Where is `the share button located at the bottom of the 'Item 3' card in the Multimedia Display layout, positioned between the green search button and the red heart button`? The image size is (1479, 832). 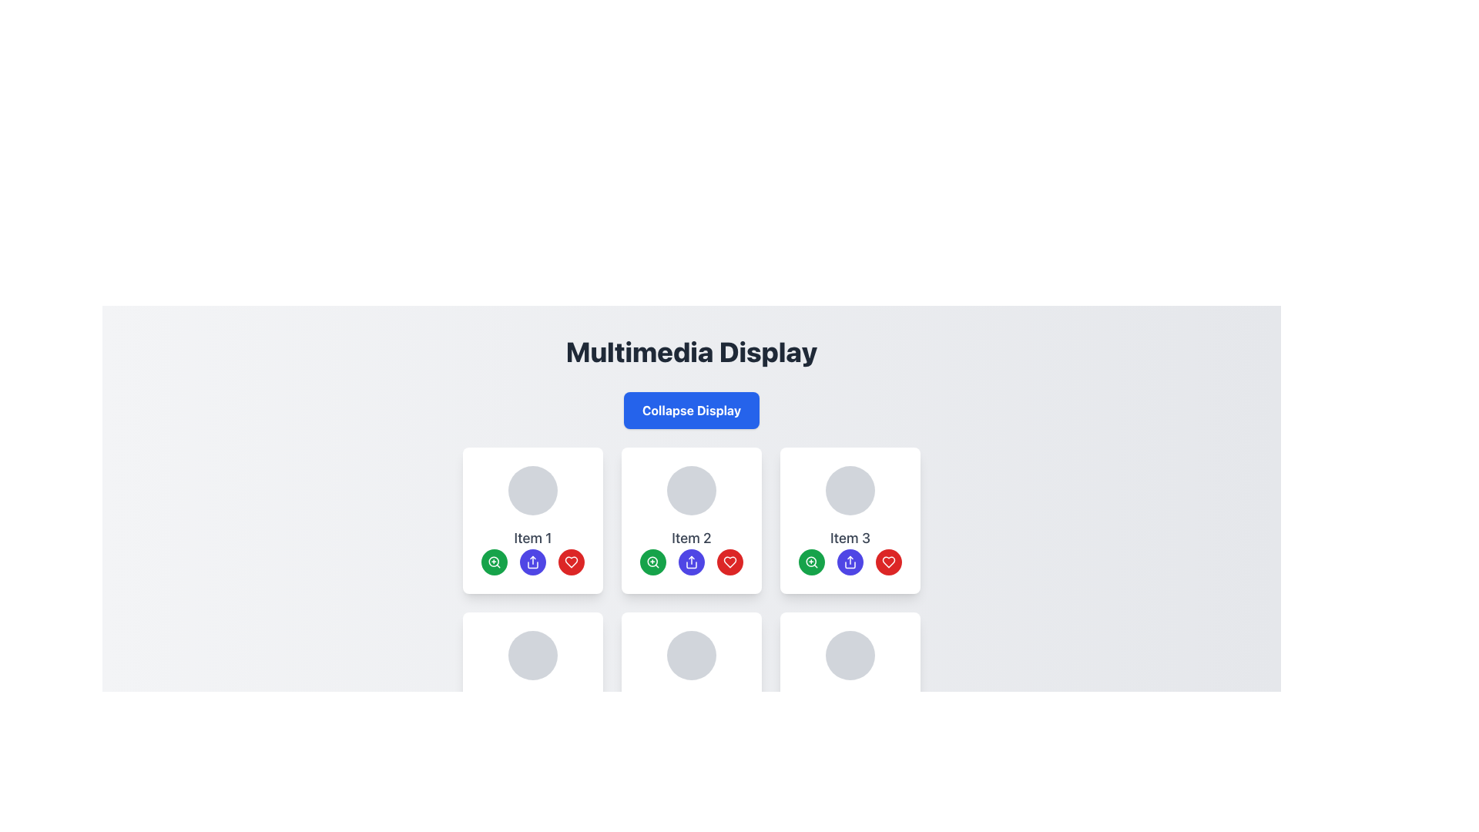
the share button located at the bottom of the 'Item 3' card in the Multimedia Display layout, positioned between the green search button and the red heart button is located at coordinates (850, 562).